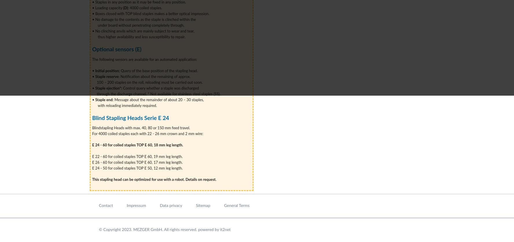 Image resolution: width=514 pixels, height=242 pixels. I want to click on 'thus higher availability and less susceptibility to repair.', so click(139, 37).